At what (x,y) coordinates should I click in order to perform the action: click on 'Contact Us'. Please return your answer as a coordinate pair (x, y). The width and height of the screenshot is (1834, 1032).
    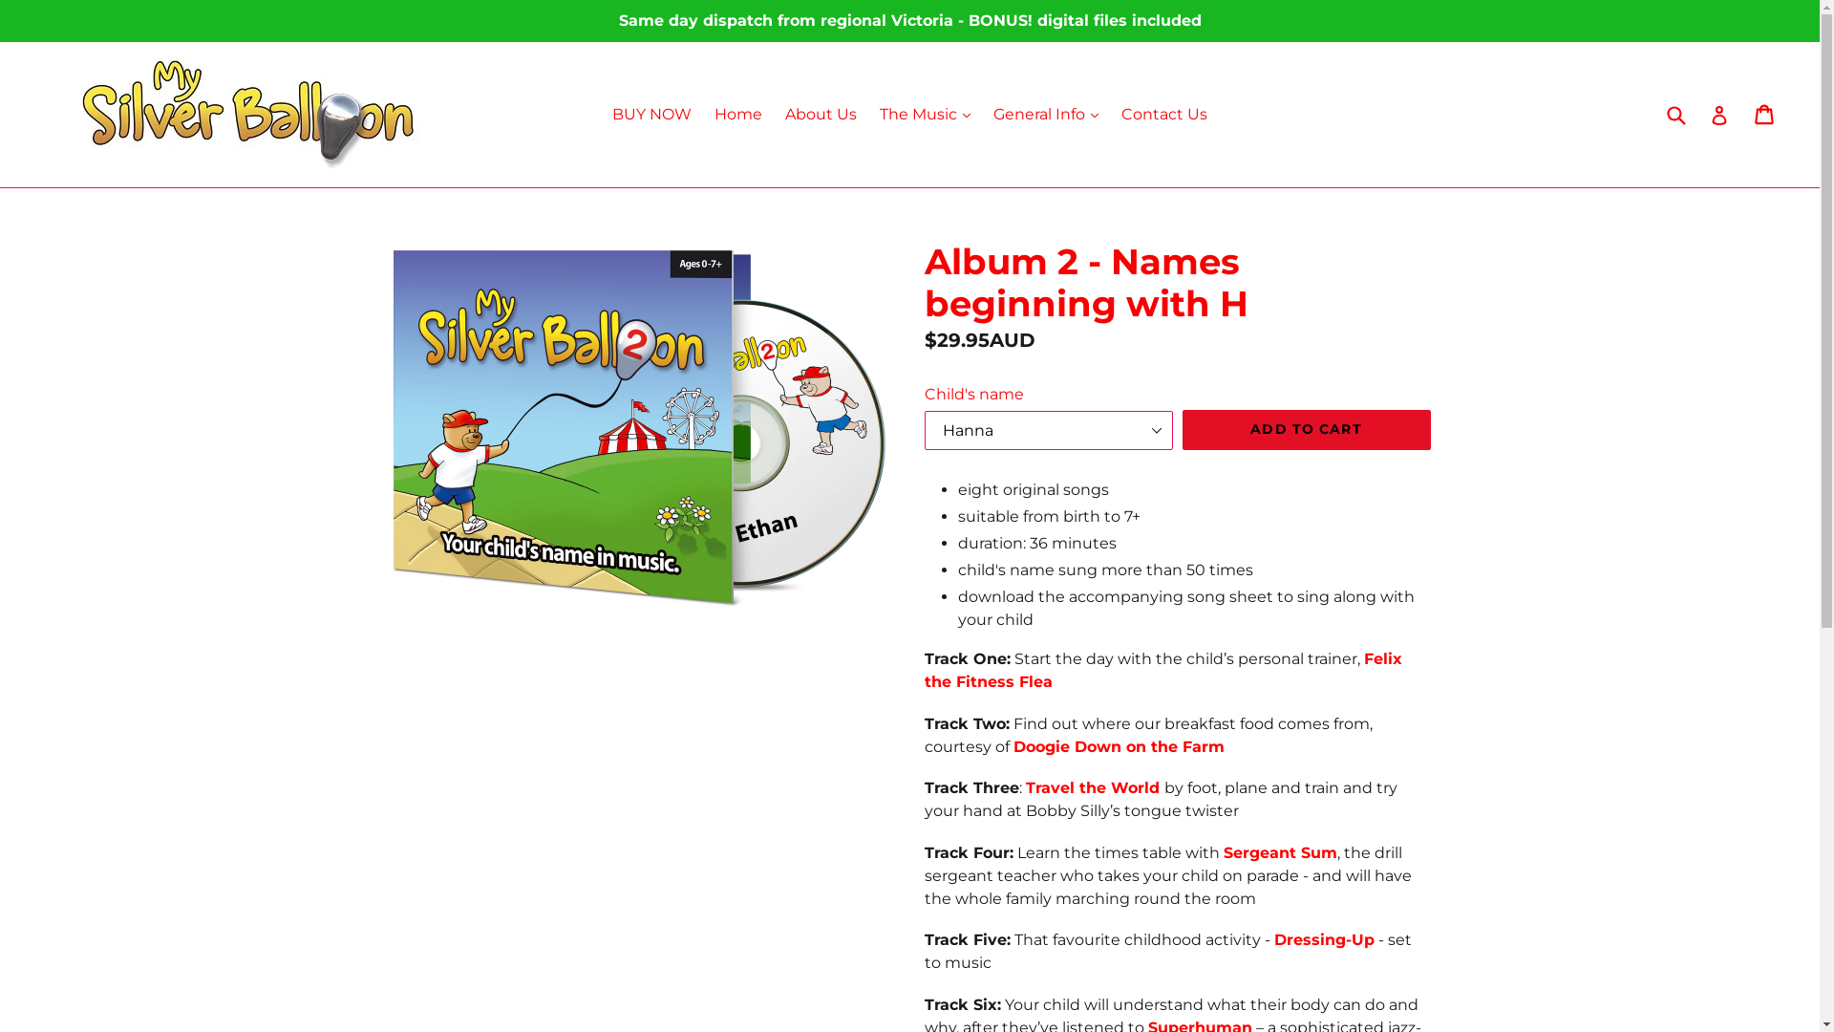
    Looking at the image, I should click on (1163, 114).